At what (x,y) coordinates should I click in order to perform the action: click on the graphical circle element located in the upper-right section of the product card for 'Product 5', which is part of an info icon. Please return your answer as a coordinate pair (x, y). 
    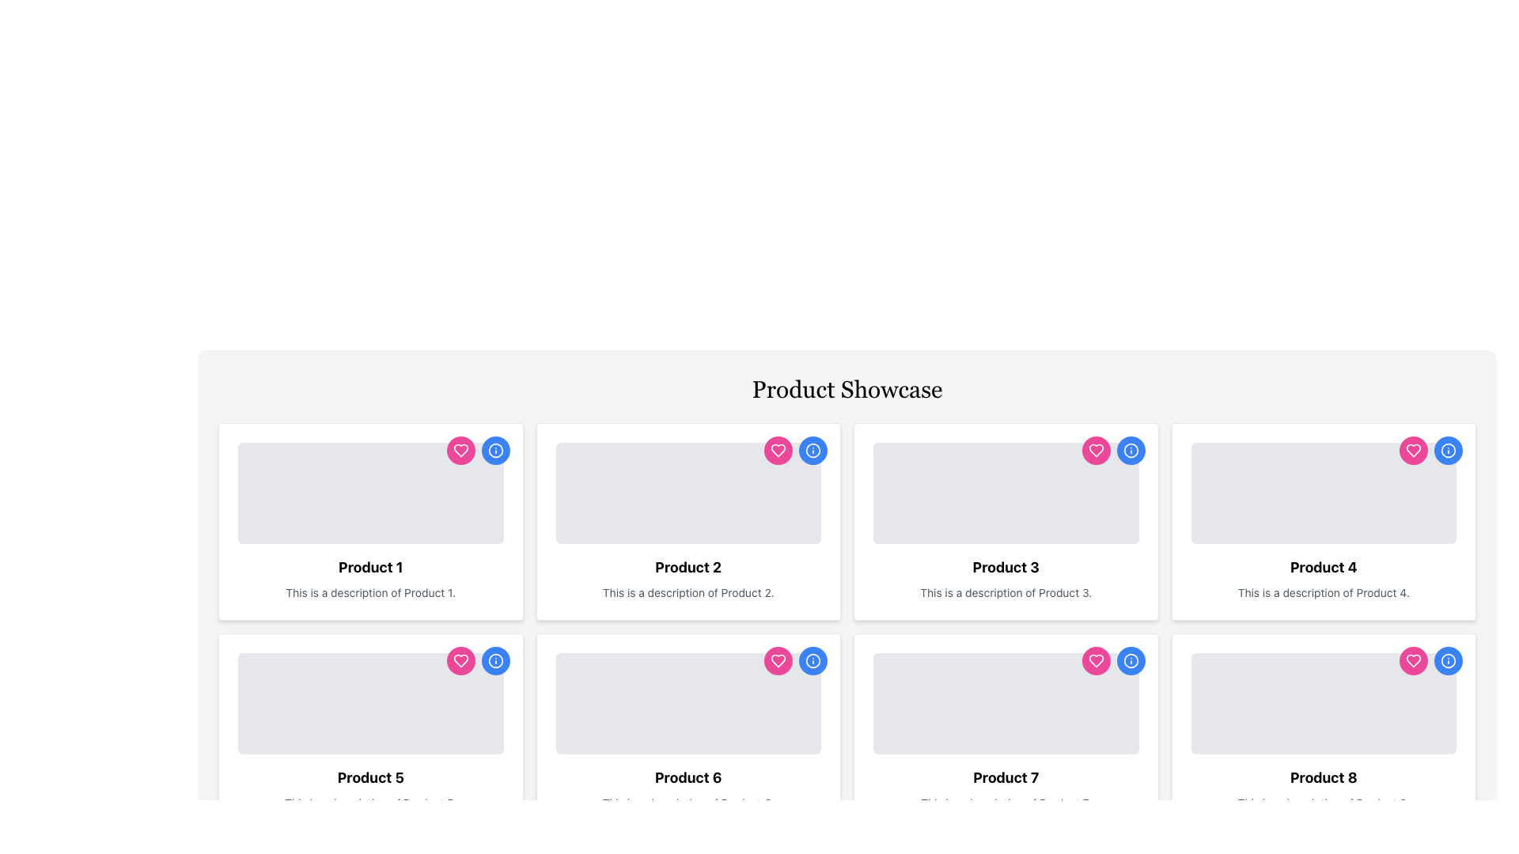
    Looking at the image, I should click on (494, 661).